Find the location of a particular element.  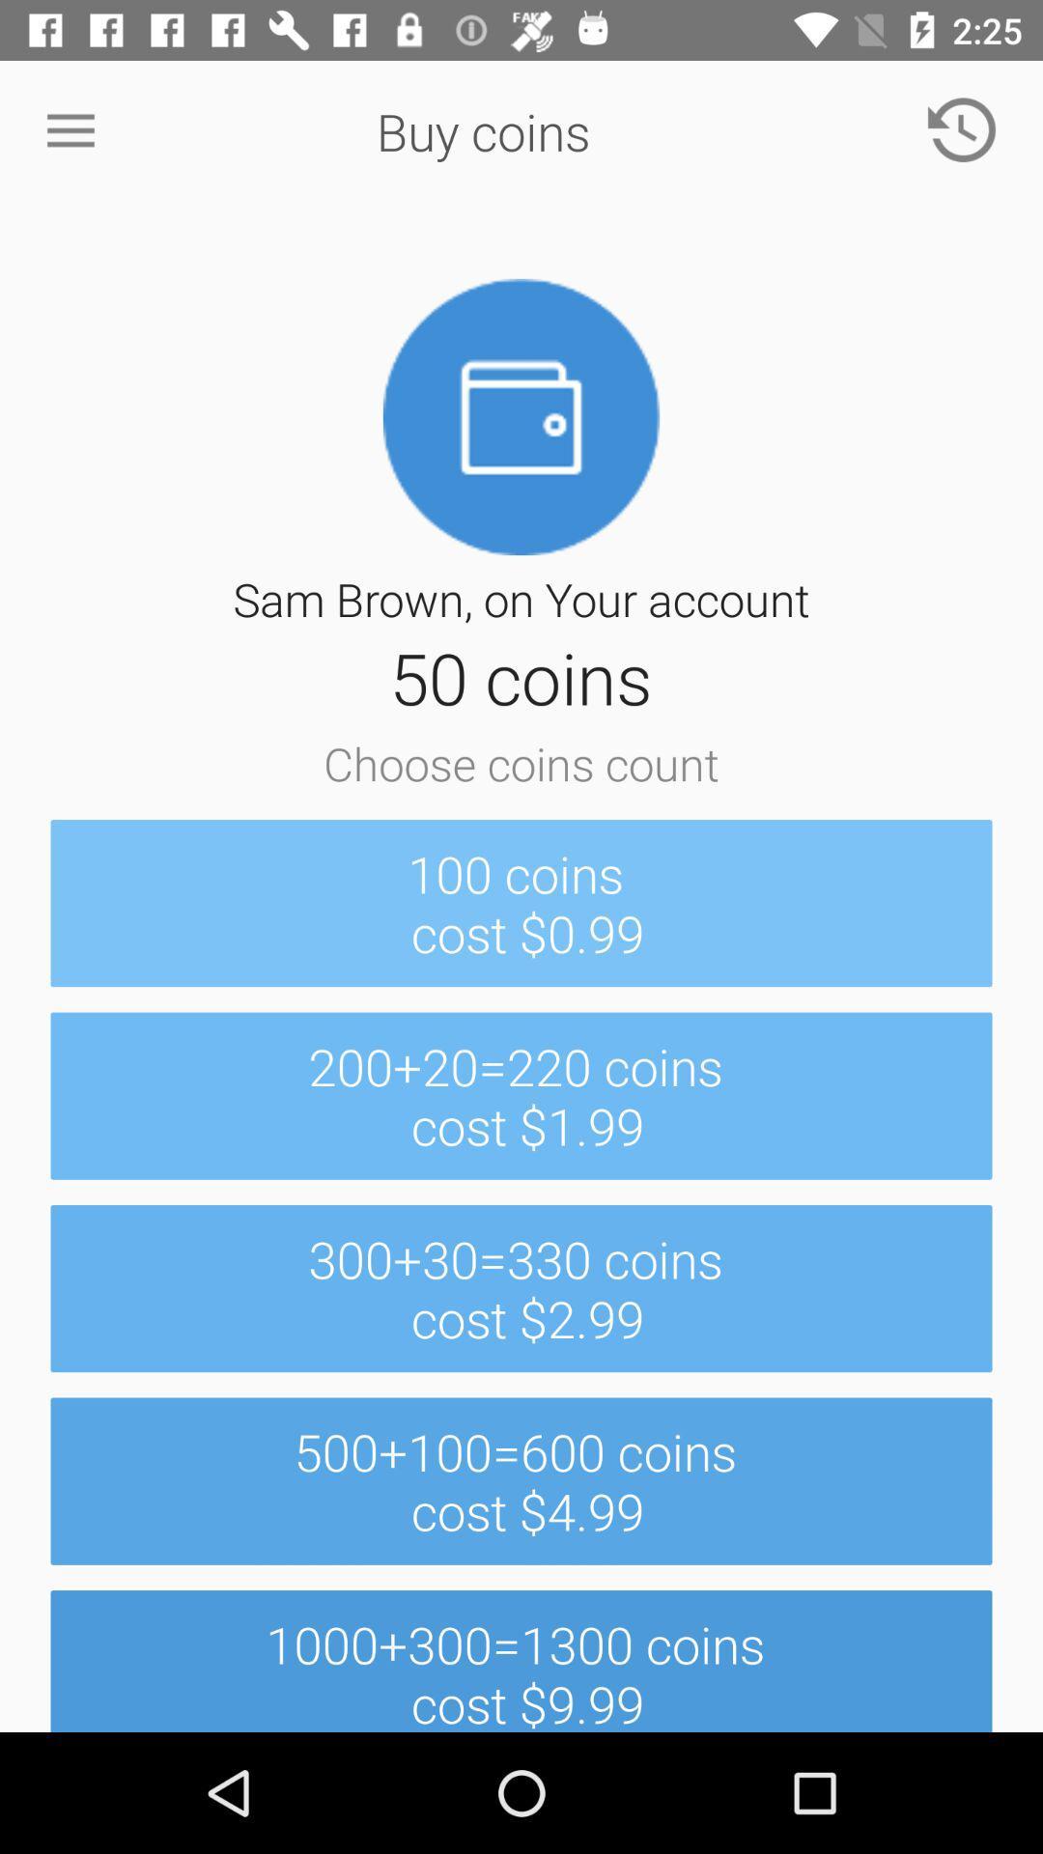

icon above the 100 coins cost is located at coordinates (70, 130).